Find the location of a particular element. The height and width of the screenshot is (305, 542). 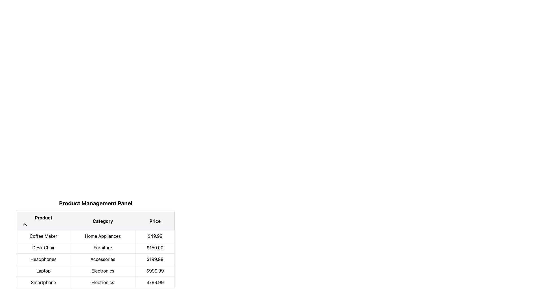

the table cell displaying 'Headphones' in the 'Product Management Panel' is located at coordinates (43, 259).